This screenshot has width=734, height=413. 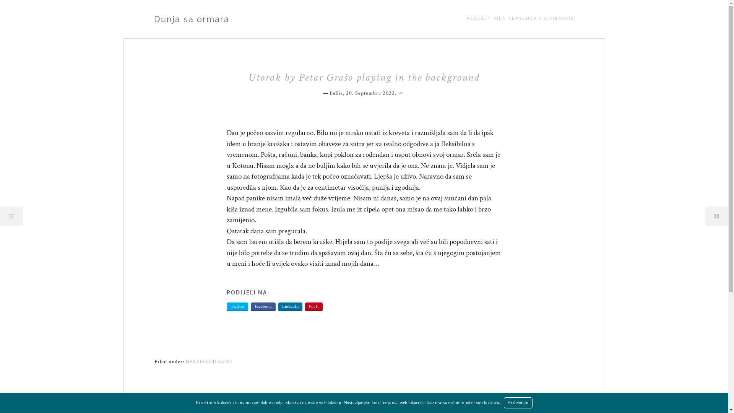 I want to click on '20. Septembra 2022.', so click(x=345, y=93).